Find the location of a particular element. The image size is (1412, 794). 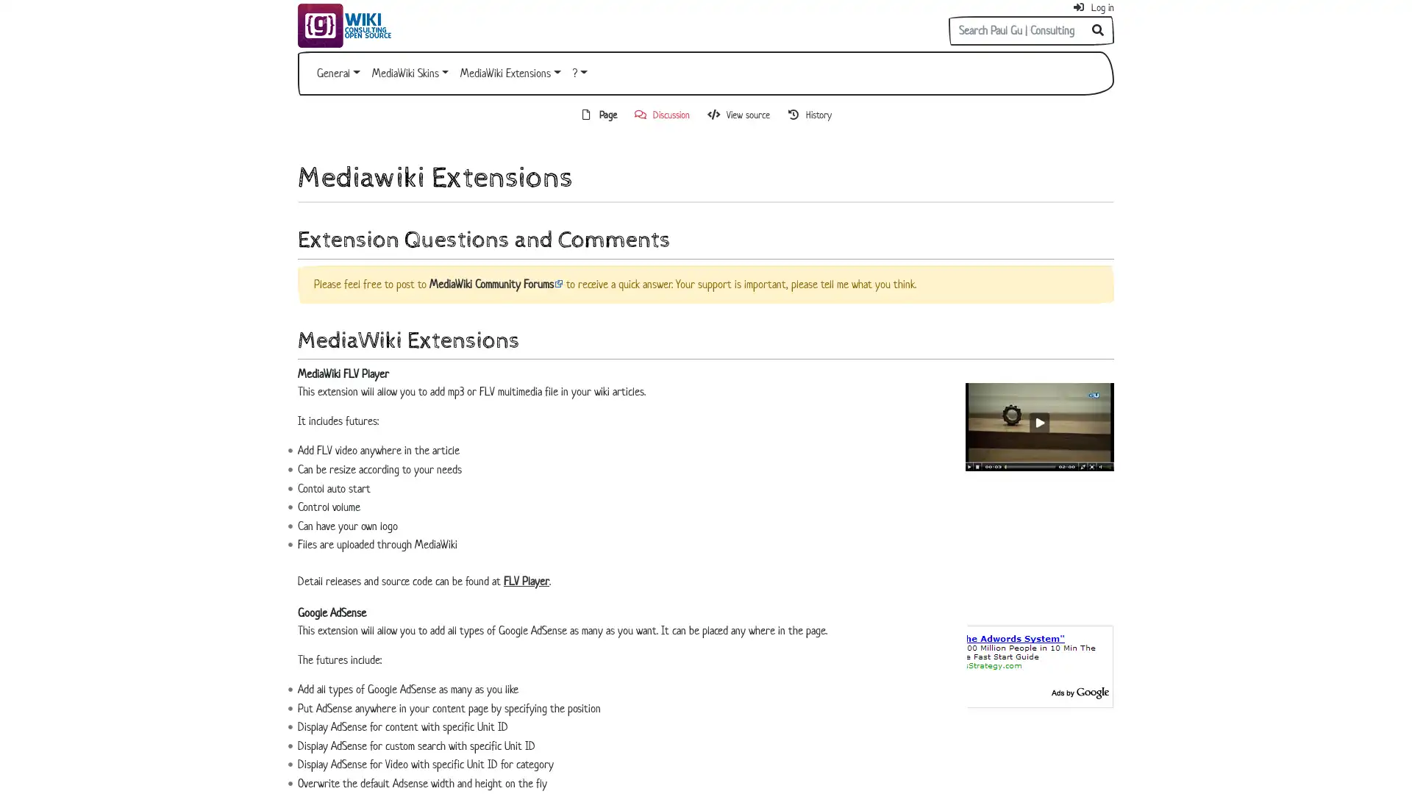

Go to page is located at coordinates (1098, 31).